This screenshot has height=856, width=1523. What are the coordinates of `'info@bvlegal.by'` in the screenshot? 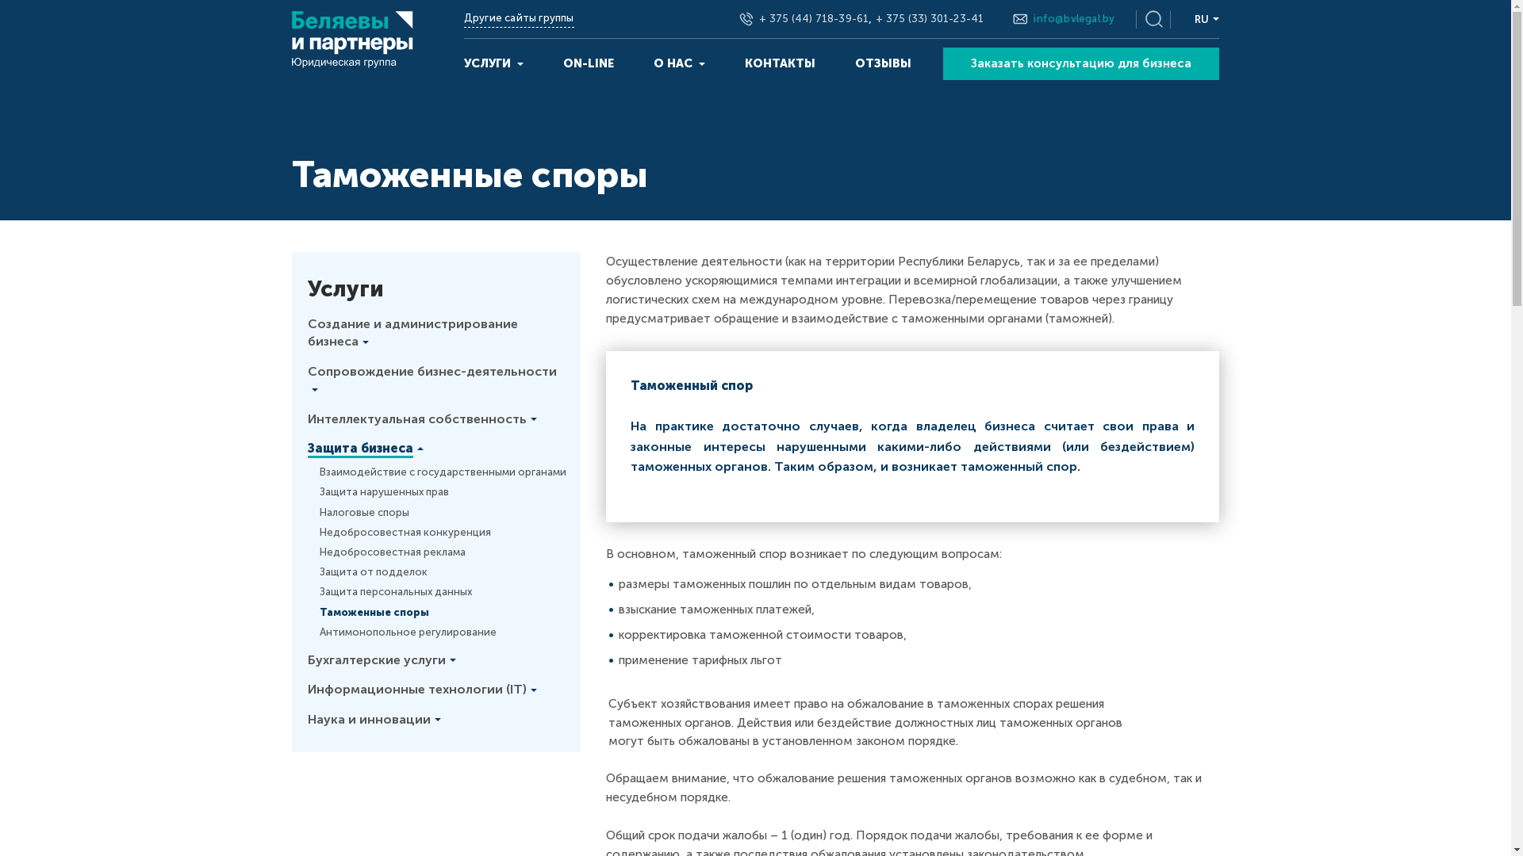 It's located at (1073, 18).